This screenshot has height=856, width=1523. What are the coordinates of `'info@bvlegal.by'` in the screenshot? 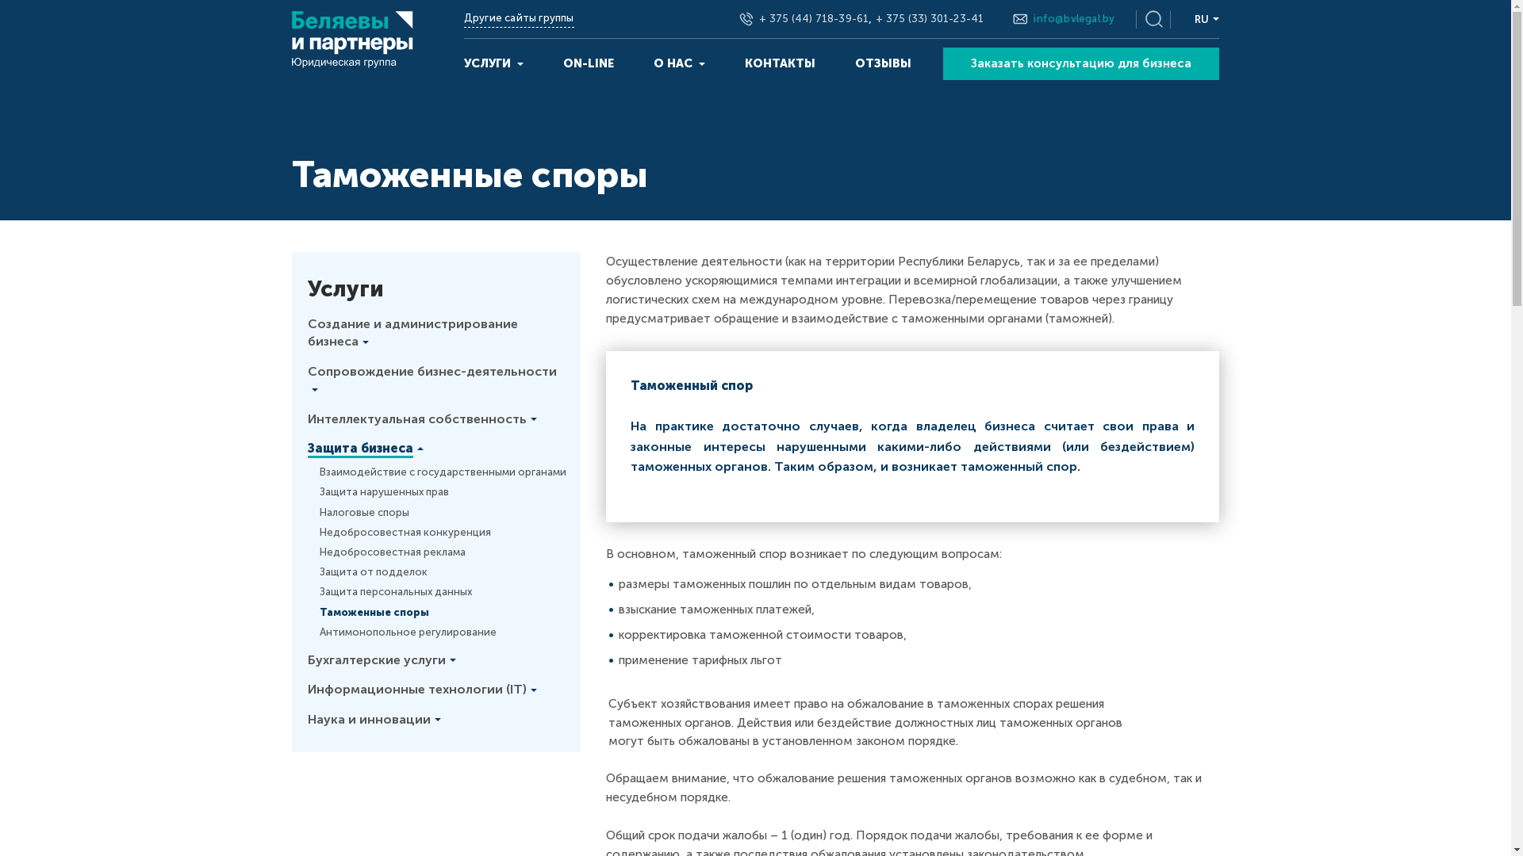 It's located at (1073, 18).